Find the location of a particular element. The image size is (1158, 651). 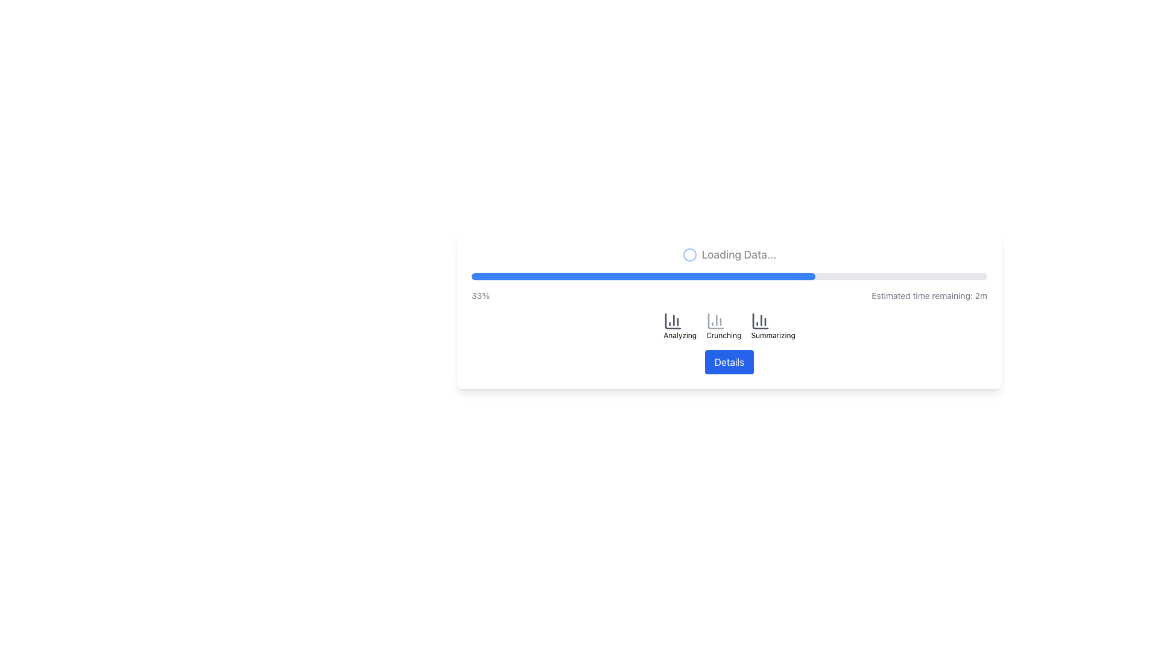

the text label displaying '33%' which is styled in gray within a progress-tracking interface is located at coordinates (479, 295).